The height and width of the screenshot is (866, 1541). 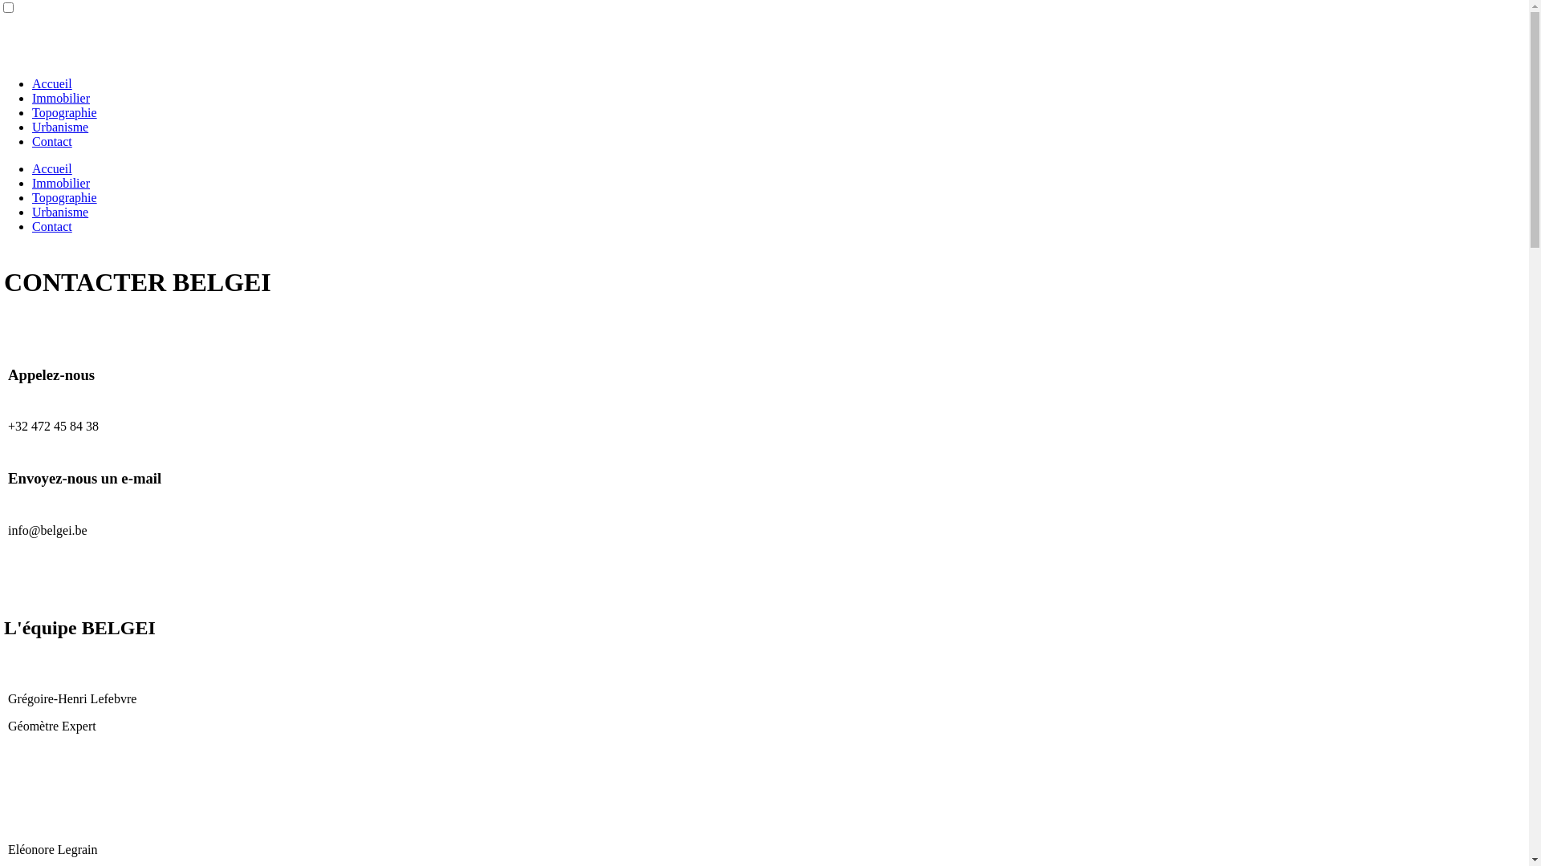 What do you see at coordinates (52, 226) in the screenshot?
I see `'Contact'` at bounding box center [52, 226].